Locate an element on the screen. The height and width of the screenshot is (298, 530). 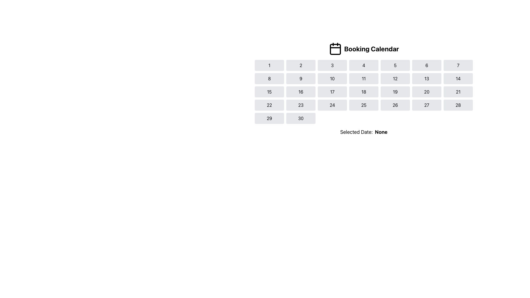
the button labeled '5' with a grey background and rounded corners located in the first row of the grid beneath 'Booking Calendar' is located at coordinates (395, 65).